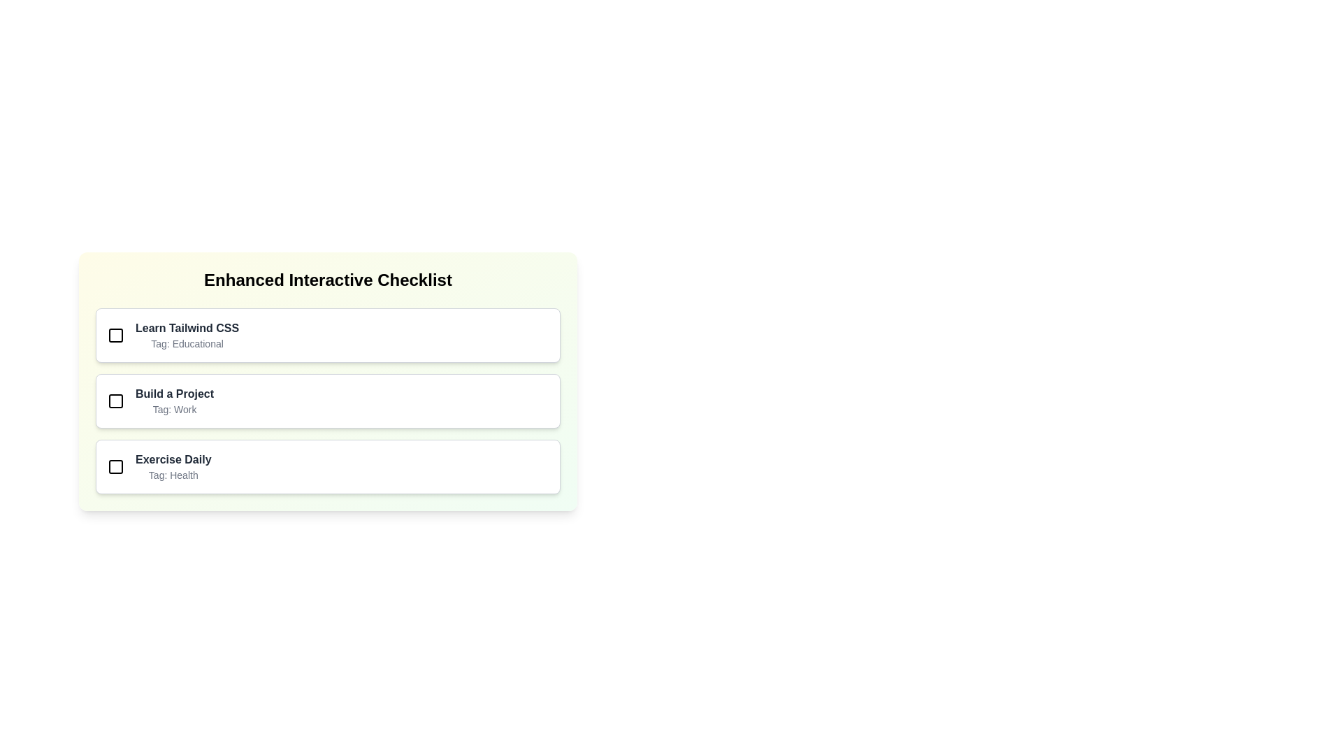 The image size is (1342, 755). I want to click on the static text element displaying 'Exercise Daily' in bold, dark gray font, located in the third row of the Enhanced Interactive Checklist under the tag 'Health', so click(173, 460).